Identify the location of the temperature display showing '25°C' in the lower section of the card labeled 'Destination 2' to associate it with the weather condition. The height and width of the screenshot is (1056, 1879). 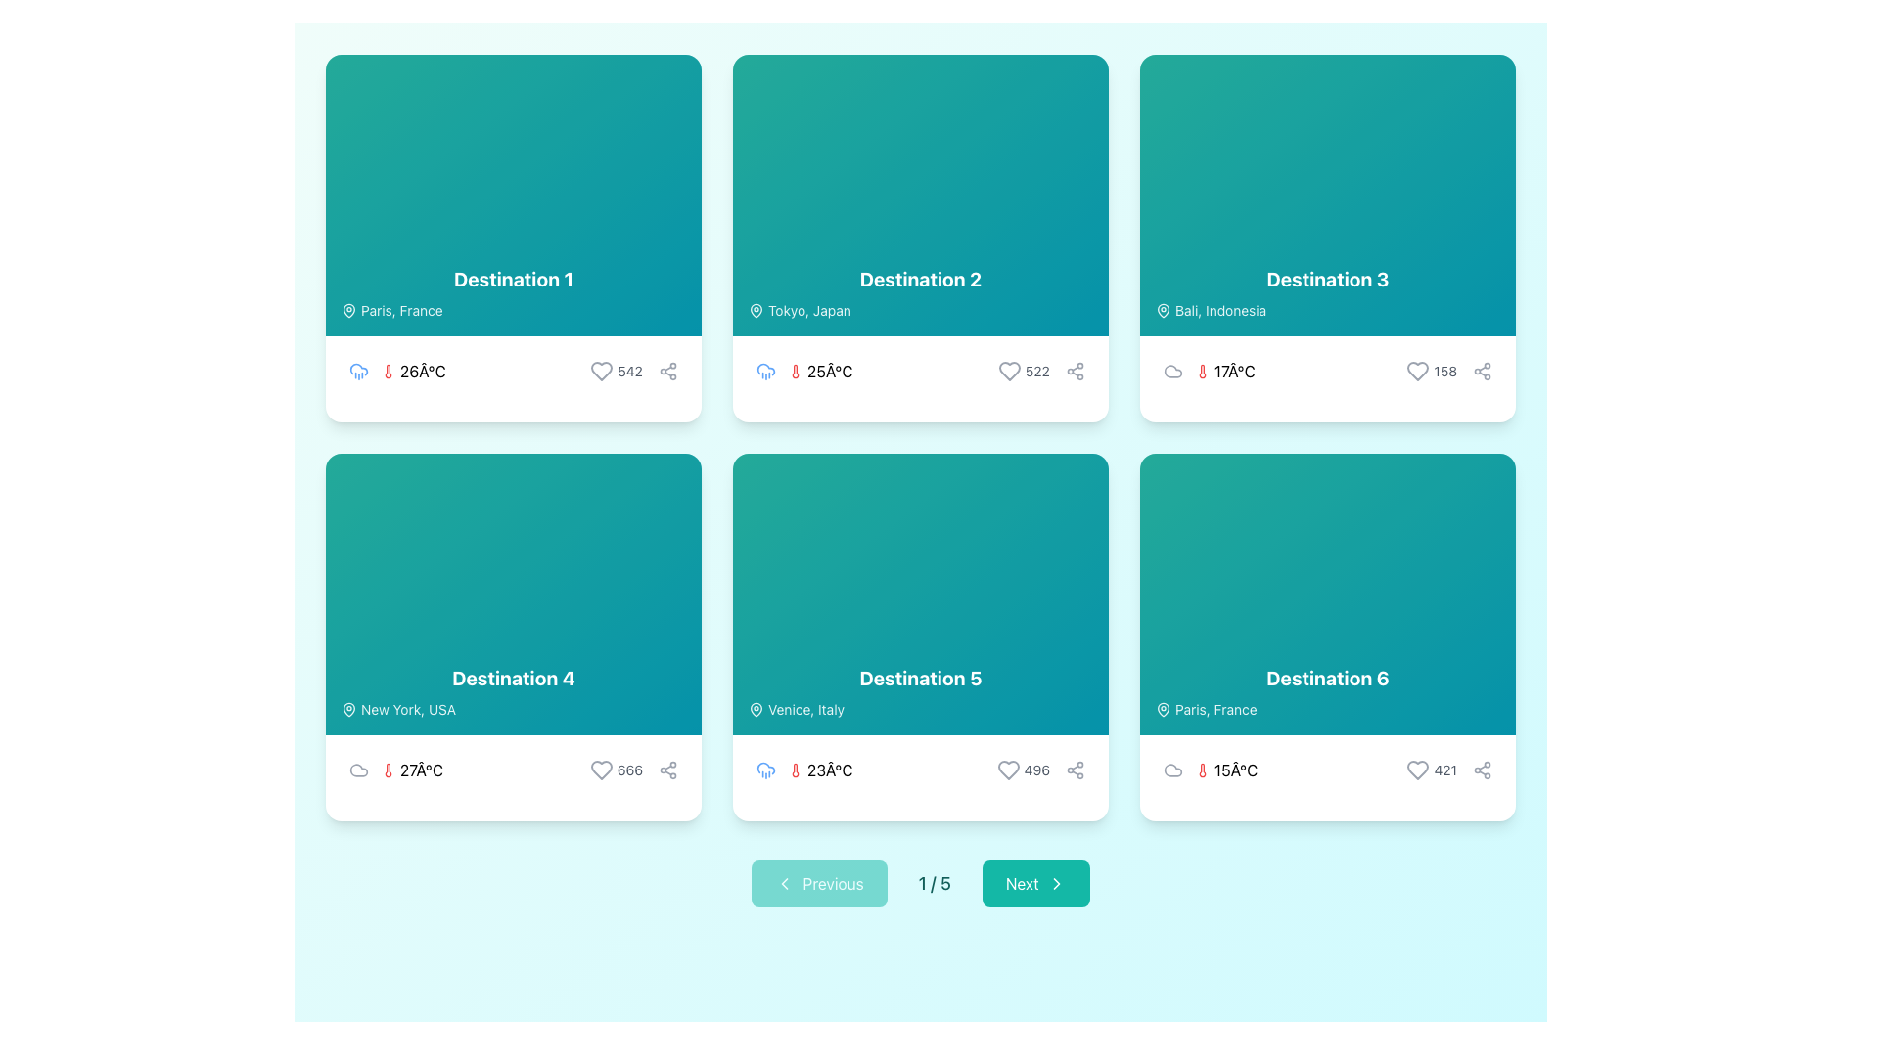
(803, 372).